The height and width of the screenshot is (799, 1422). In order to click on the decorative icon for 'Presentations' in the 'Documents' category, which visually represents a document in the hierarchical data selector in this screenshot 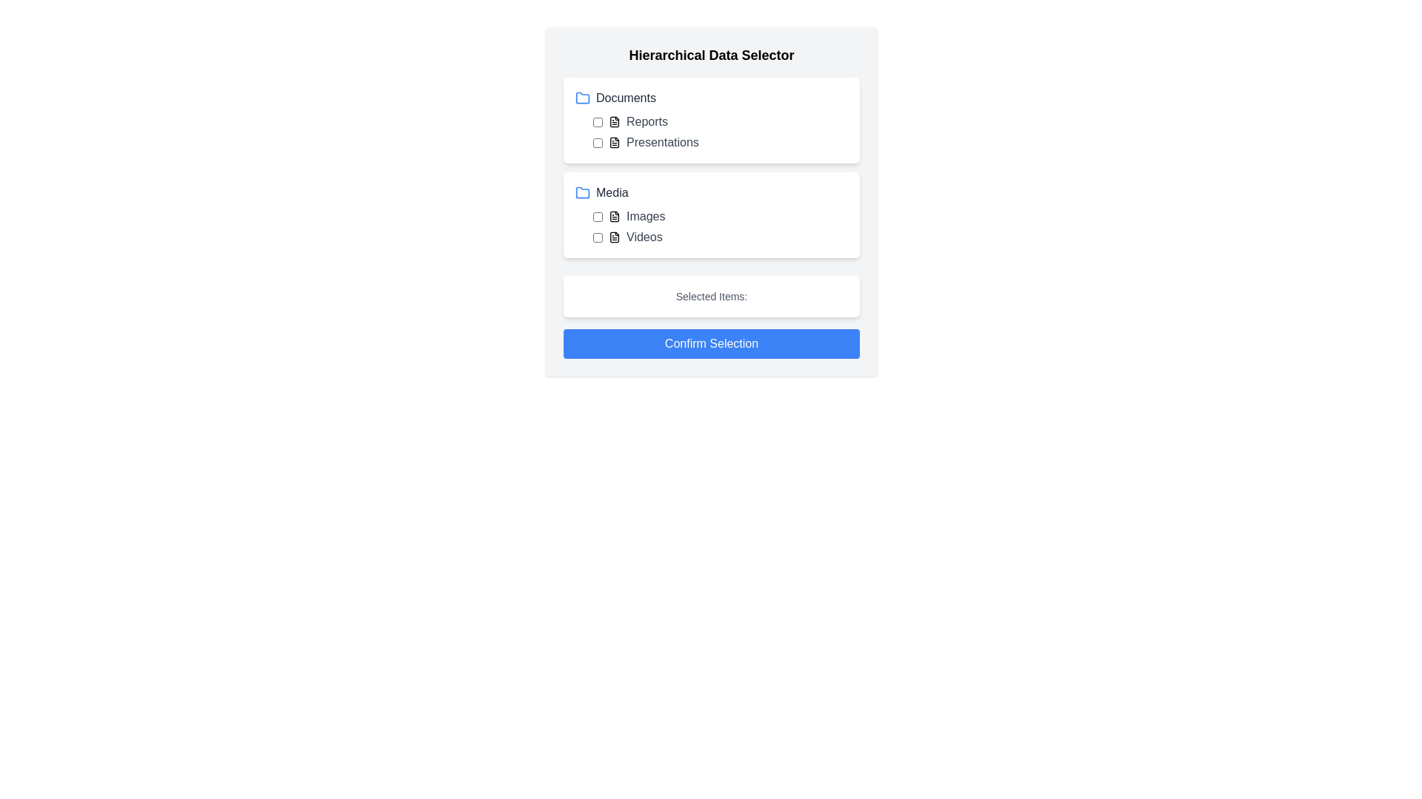, I will do `click(615, 142)`.